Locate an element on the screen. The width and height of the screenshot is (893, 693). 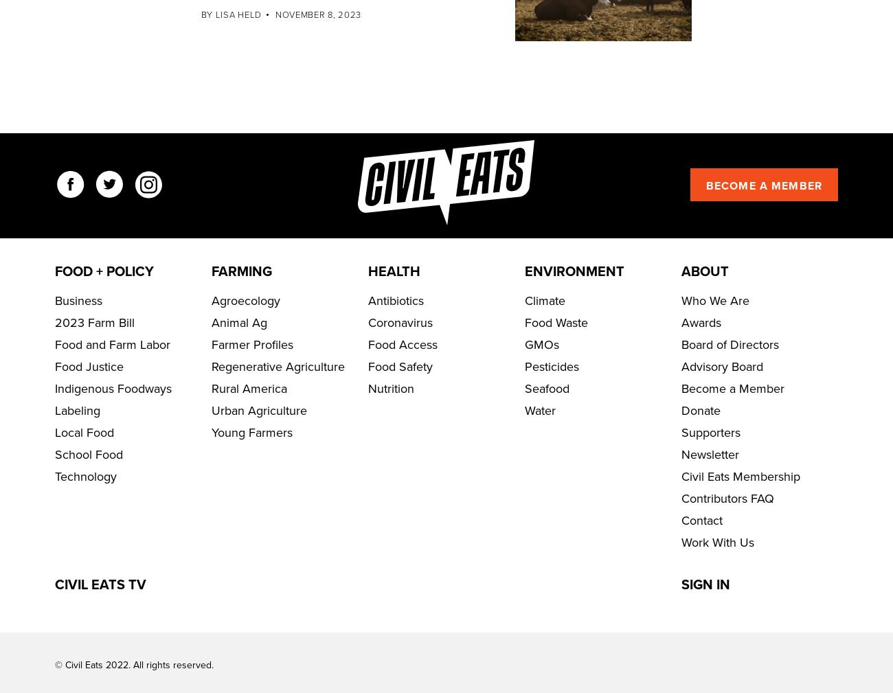
'Antibiotics' is located at coordinates (395, 341).